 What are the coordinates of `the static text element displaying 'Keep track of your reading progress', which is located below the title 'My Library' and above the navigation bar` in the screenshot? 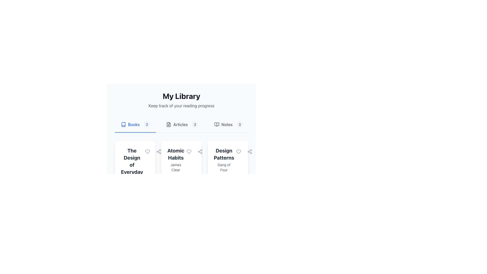 It's located at (181, 105).